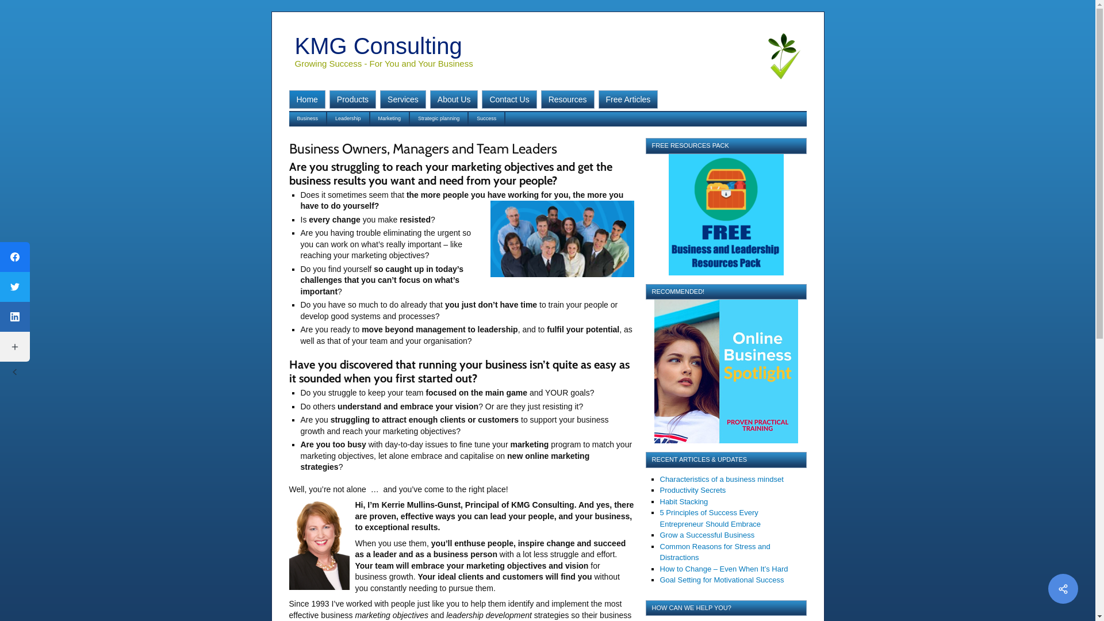 The height and width of the screenshot is (621, 1104). What do you see at coordinates (684, 500) in the screenshot?
I see `'Habit Stacking'` at bounding box center [684, 500].